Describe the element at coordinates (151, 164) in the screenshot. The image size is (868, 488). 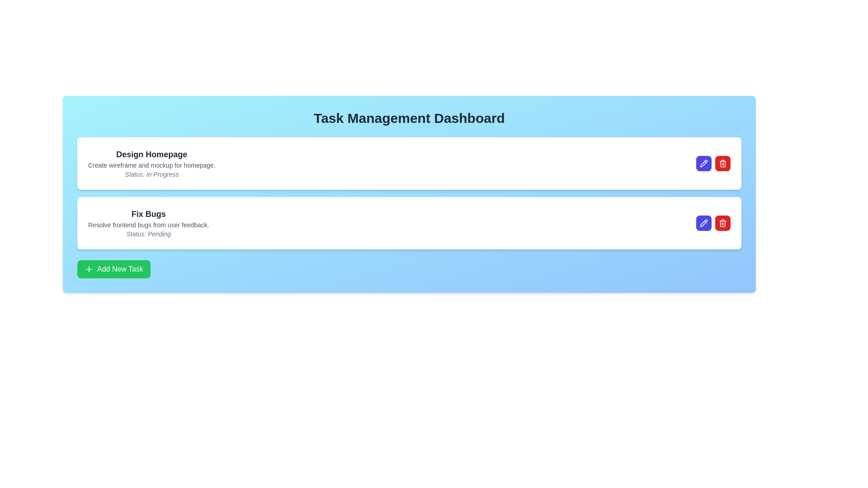
I see `the Text Content Block that displays 'Design Homepage' with the description 'Create wireframe and mockup for homepage.' and status 'Status: In Progress'` at that location.